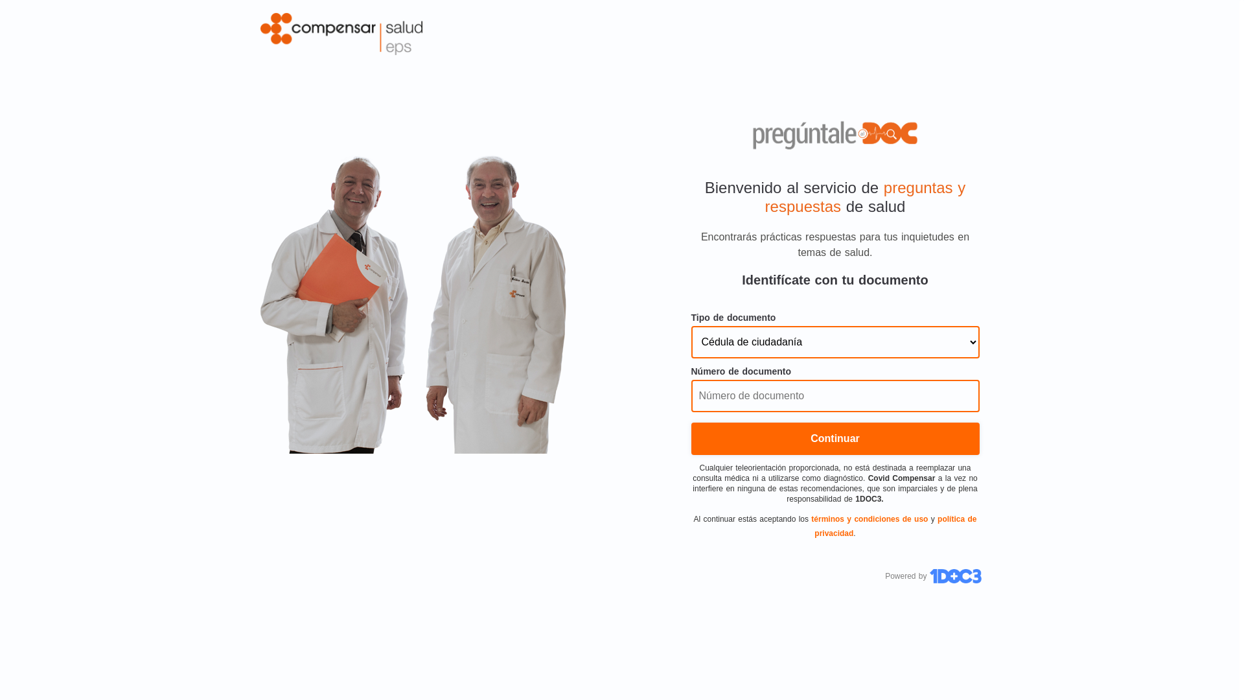  What do you see at coordinates (835, 438) in the screenshot?
I see `'Continuar'` at bounding box center [835, 438].